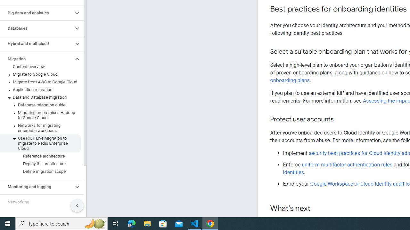 The image size is (410, 230). What do you see at coordinates (40, 171) in the screenshot?
I see `'Define migration scope'` at bounding box center [40, 171].